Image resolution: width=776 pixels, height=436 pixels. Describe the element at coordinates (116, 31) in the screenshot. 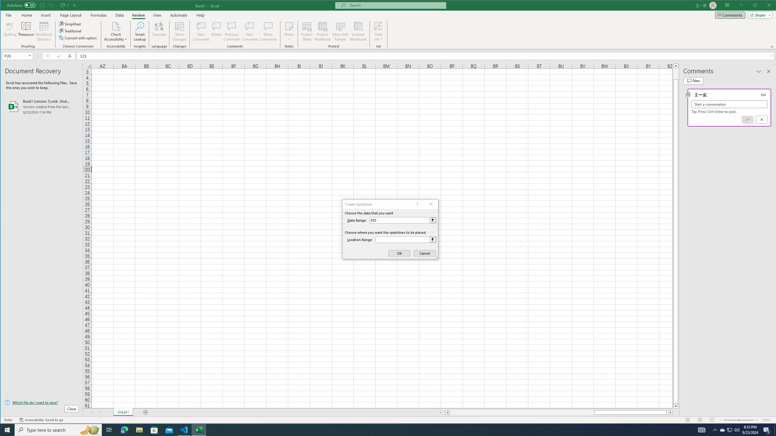

I see `'Check Accessibility'` at that location.